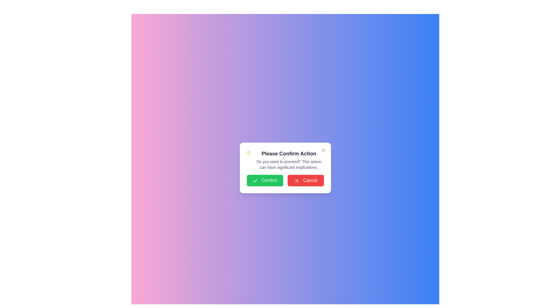  I want to click on the 'Confirm' button in the Button Group located centrally below the textual content to proceed with the action, so click(285, 180).